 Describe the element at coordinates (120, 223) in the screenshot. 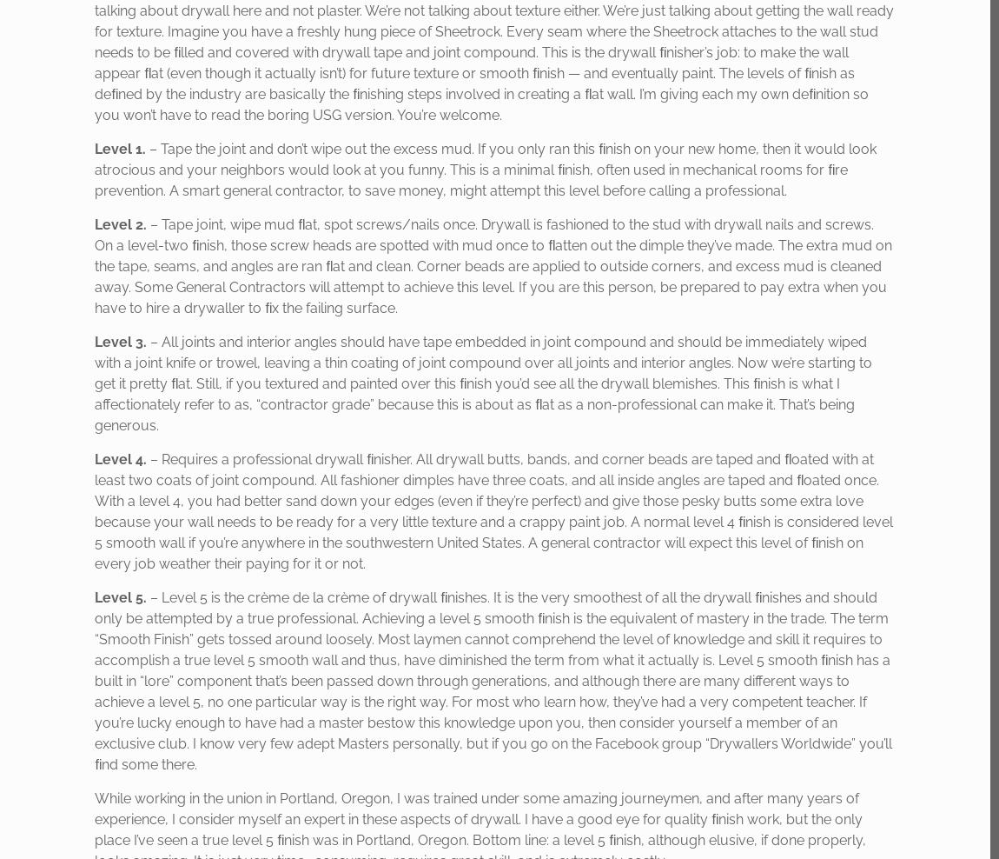

I see `'Level 2.'` at that location.